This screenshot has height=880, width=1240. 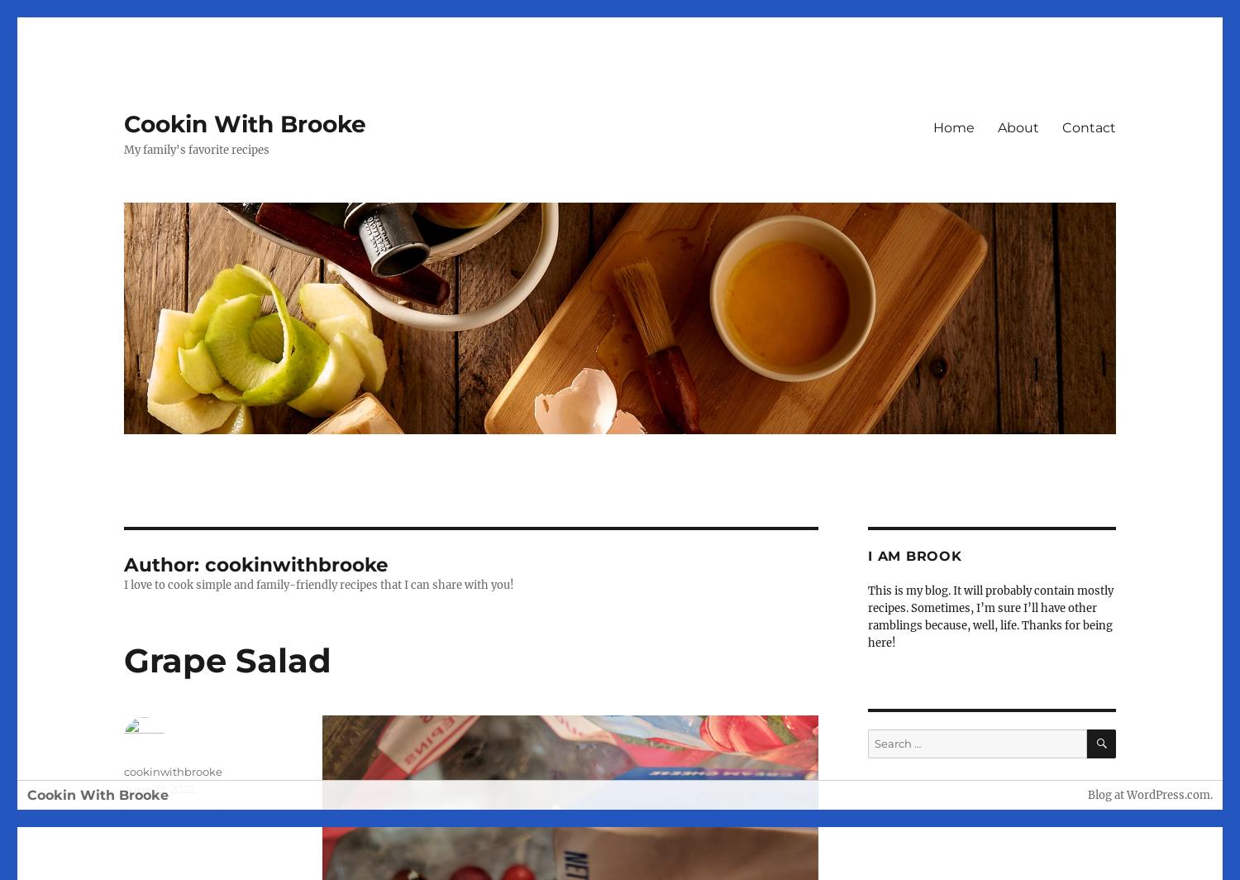 I want to click on 'I Am Brook', so click(x=913, y=556).